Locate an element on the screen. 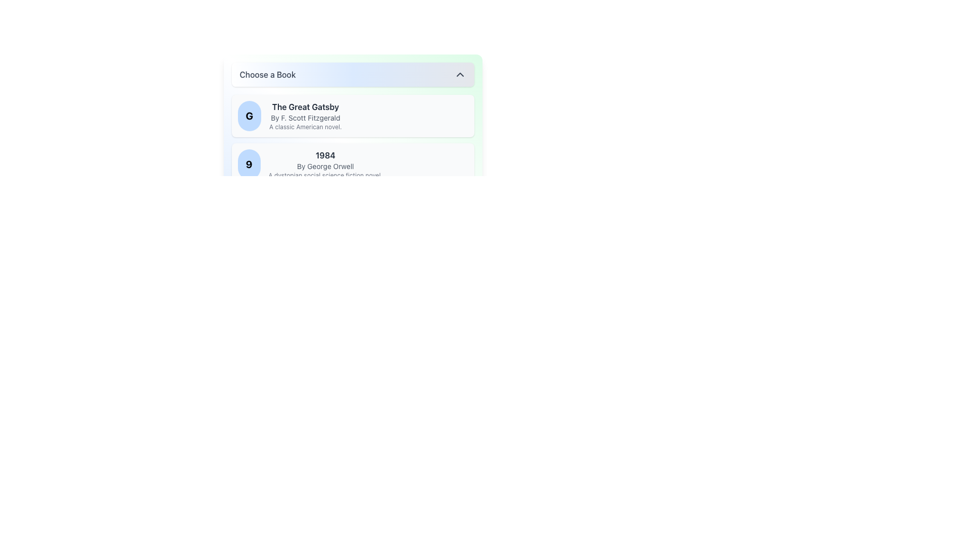 The width and height of the screenshot is (970, 545). the text block element containing the title '1984', author 'By George Orwell', and description 'A dystopian social science fiction novel' is located at coordinates (325, 164).